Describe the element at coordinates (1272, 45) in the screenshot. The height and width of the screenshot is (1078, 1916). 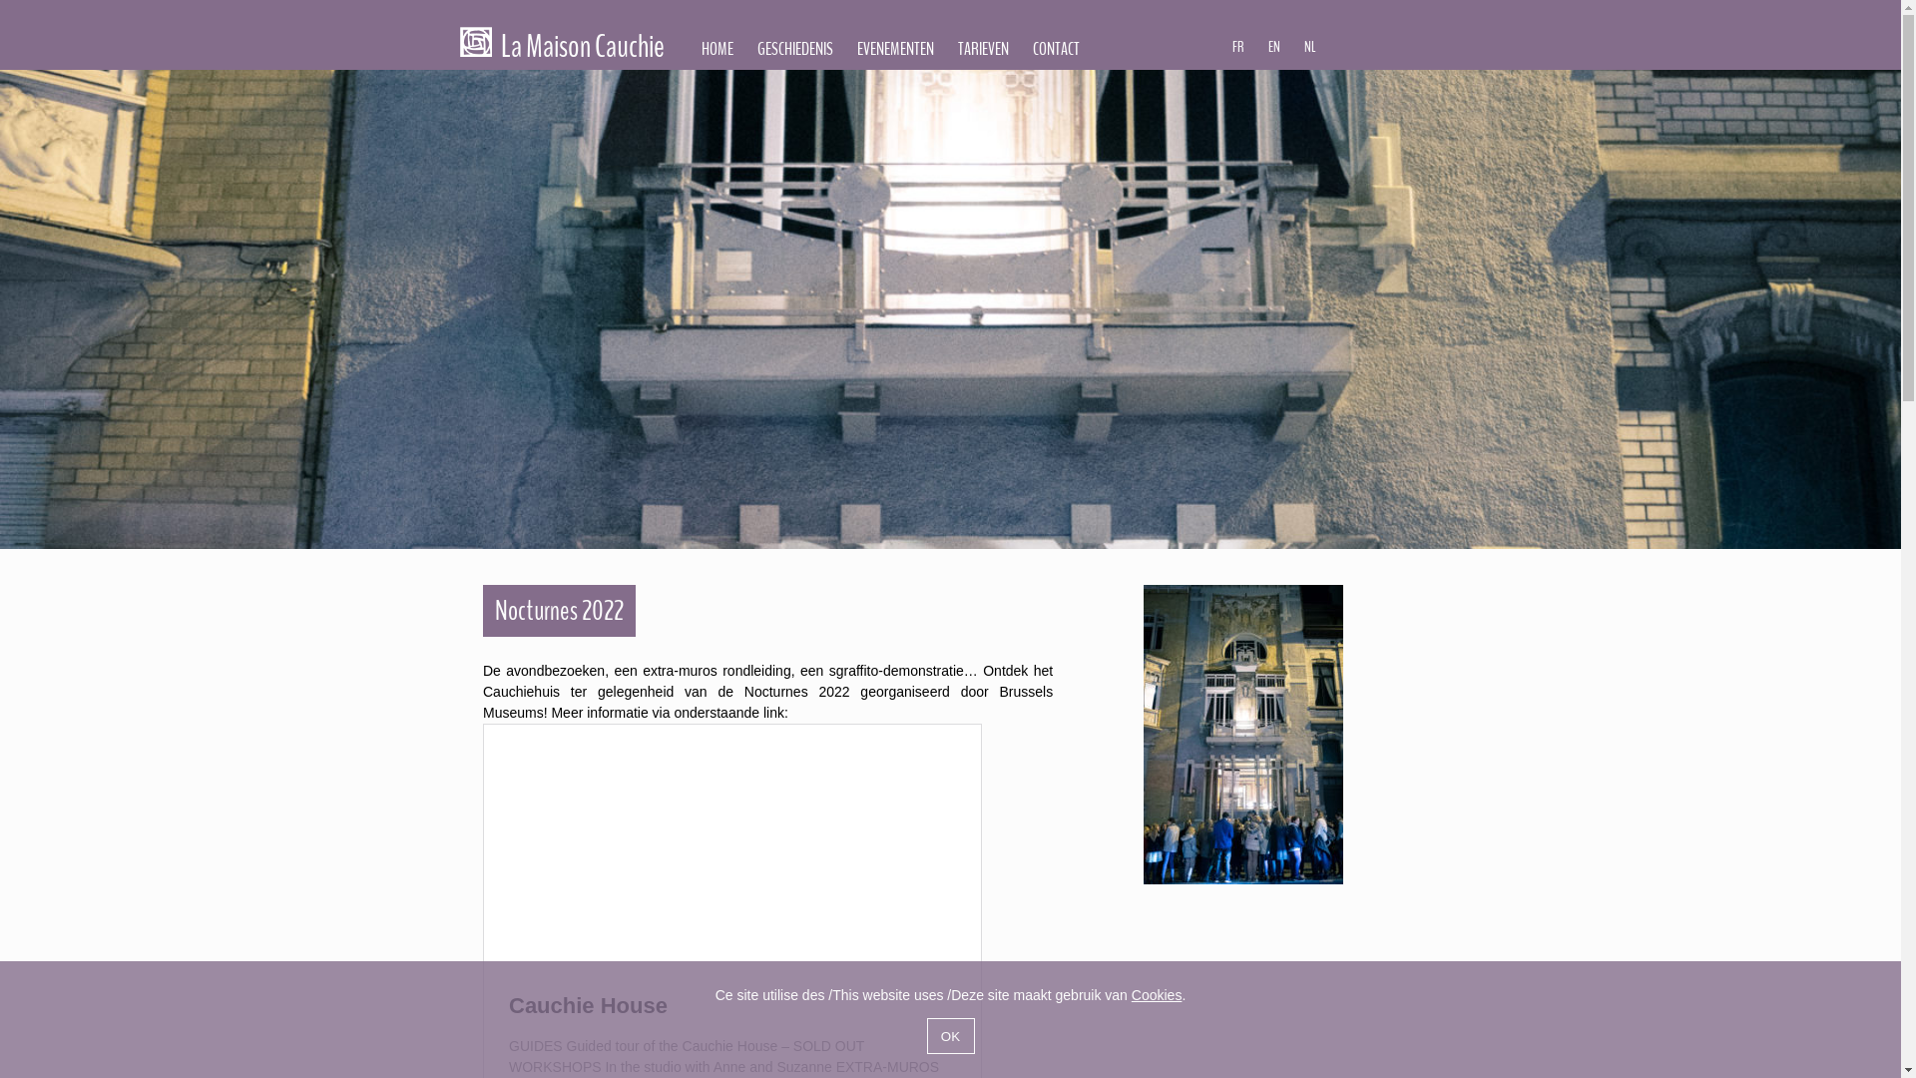
I see `'EN'` at that location.